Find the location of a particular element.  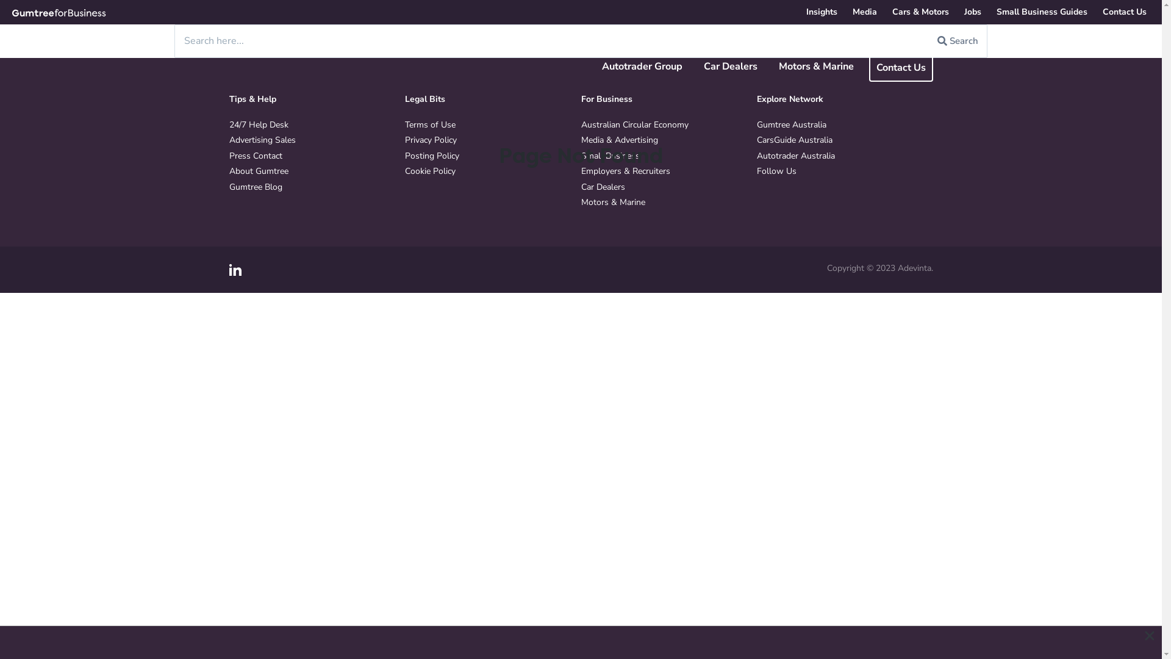

'Employers & Recruiters' is located at coordinates (625, 171).